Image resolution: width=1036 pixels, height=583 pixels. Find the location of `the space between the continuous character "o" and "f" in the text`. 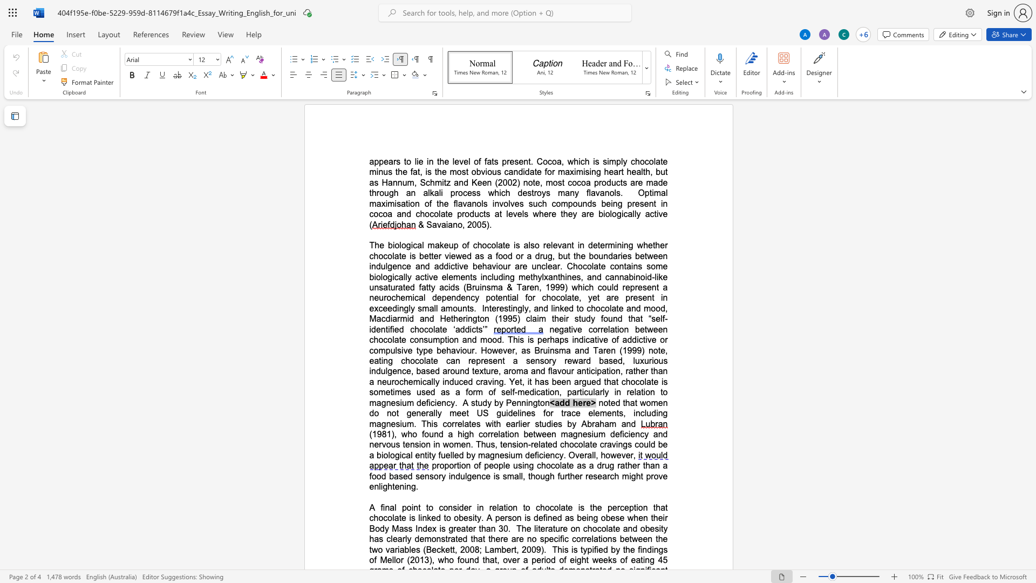

the space between the continuous character "o" and "f" in the text is located at coordinates (428, 204).